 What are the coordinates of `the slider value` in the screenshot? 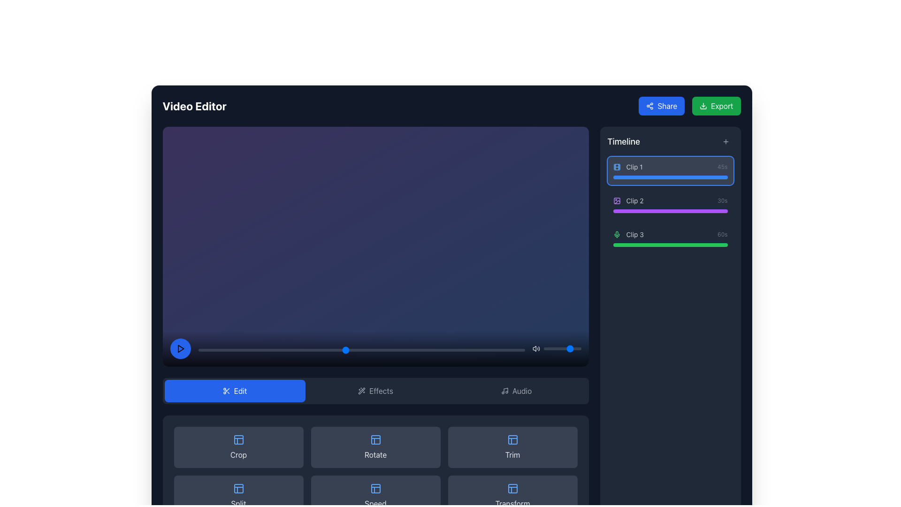 It's located at (571, 348).